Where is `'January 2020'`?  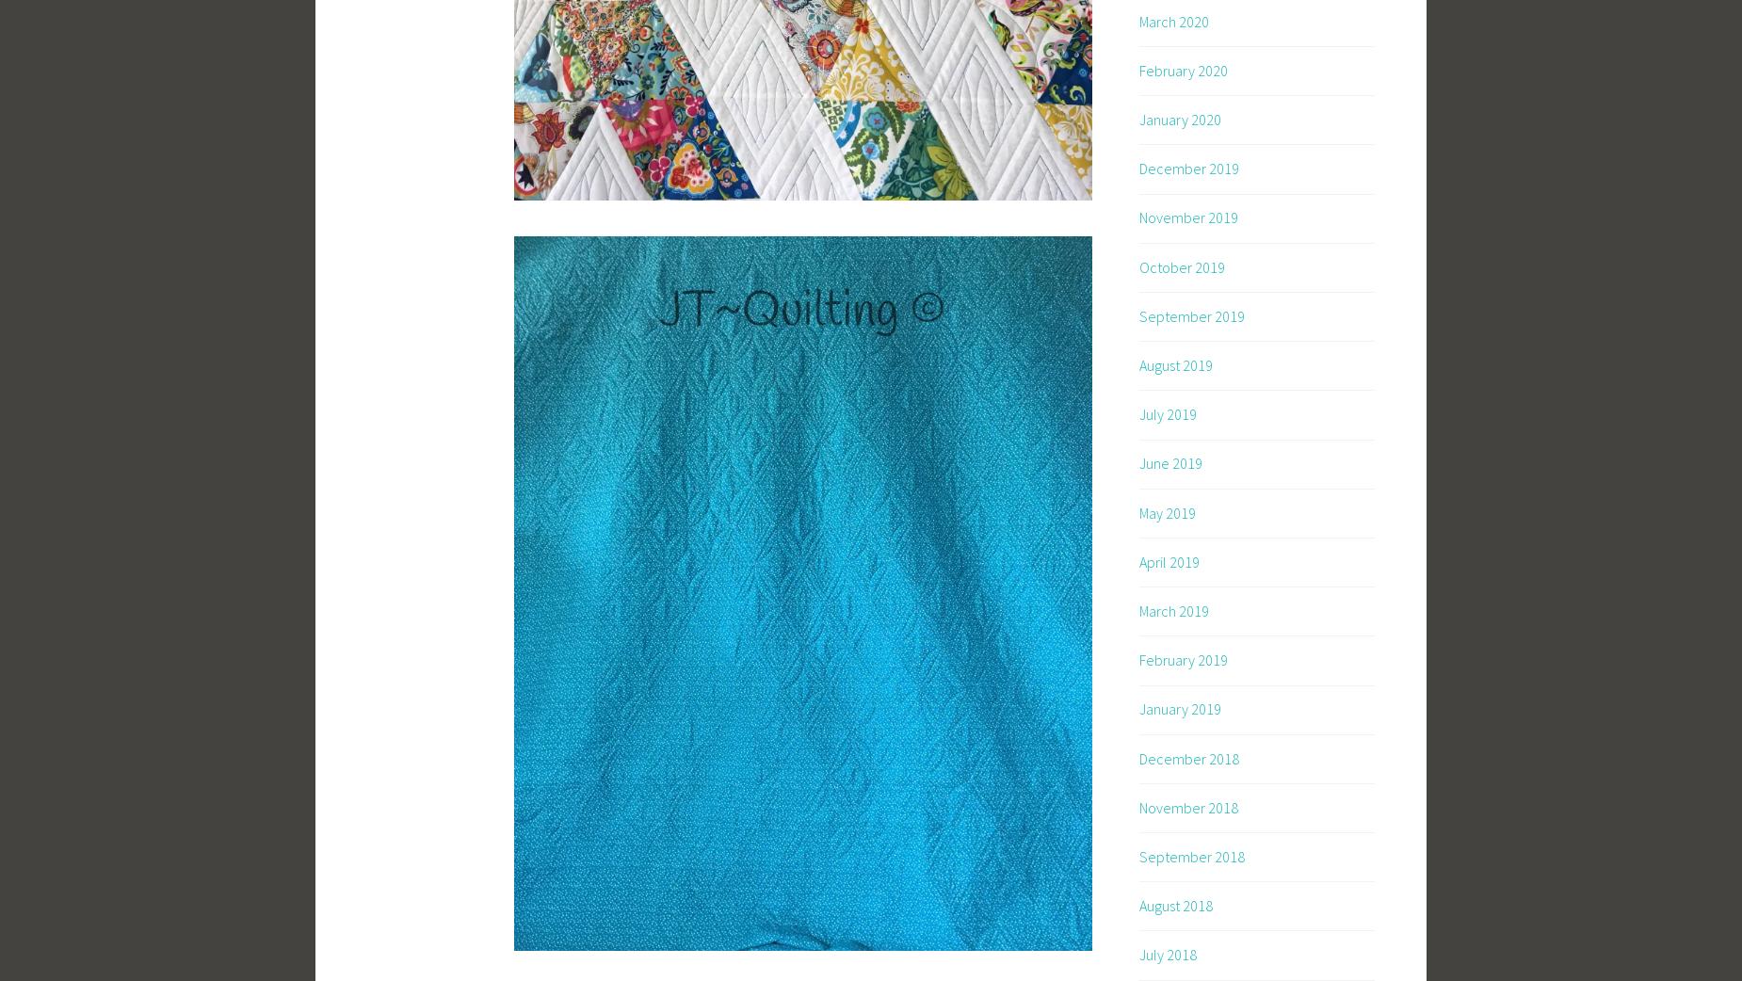 'January 2020' is located at coordinates (1179, 120).